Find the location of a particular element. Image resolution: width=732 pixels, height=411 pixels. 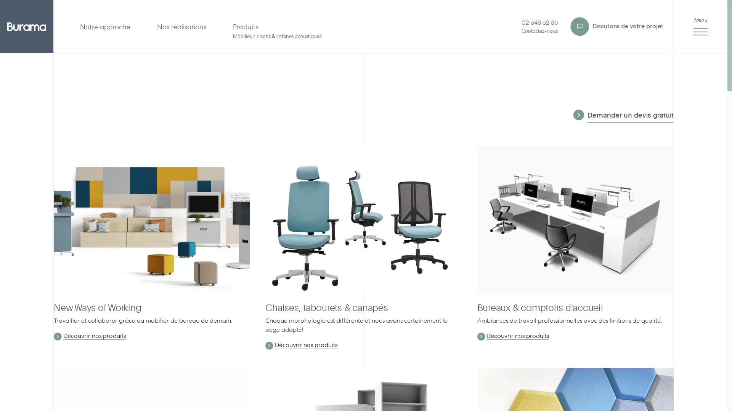

'Contactez-nous' is located at coordinates (539, 30).